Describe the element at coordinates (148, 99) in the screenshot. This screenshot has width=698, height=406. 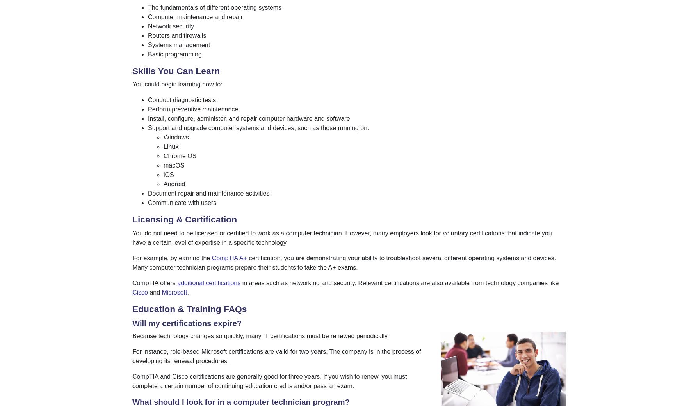
I see `'Conduct diagnostic tests'` at that location.